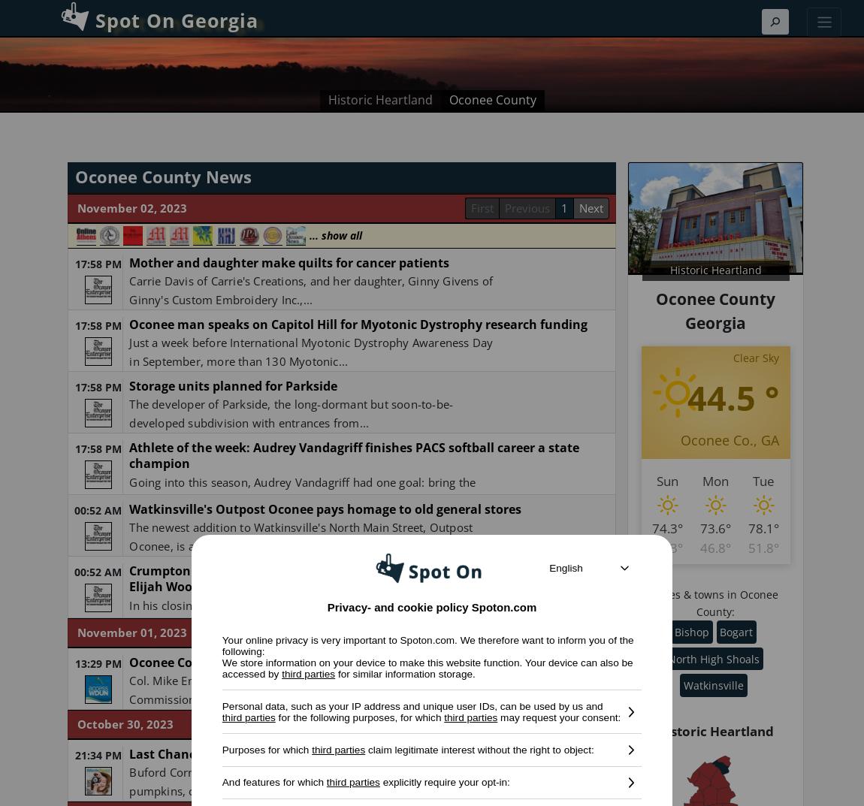 This screenshot has height=806, width=864. I want to click on 'Bogart', so click(736, 630).